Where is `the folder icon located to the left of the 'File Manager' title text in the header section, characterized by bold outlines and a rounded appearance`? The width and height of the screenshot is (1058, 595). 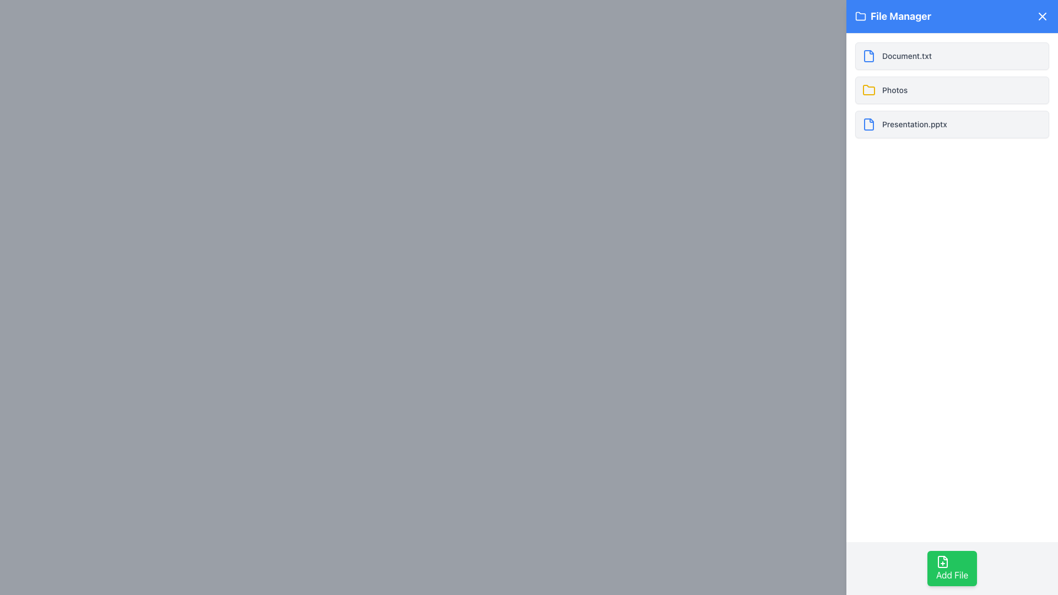 the folder icon located to the left of the 'File Manager' title text in the header section, characterized by bold outlines and a rounded appearance is located at coordinates (860, 17).